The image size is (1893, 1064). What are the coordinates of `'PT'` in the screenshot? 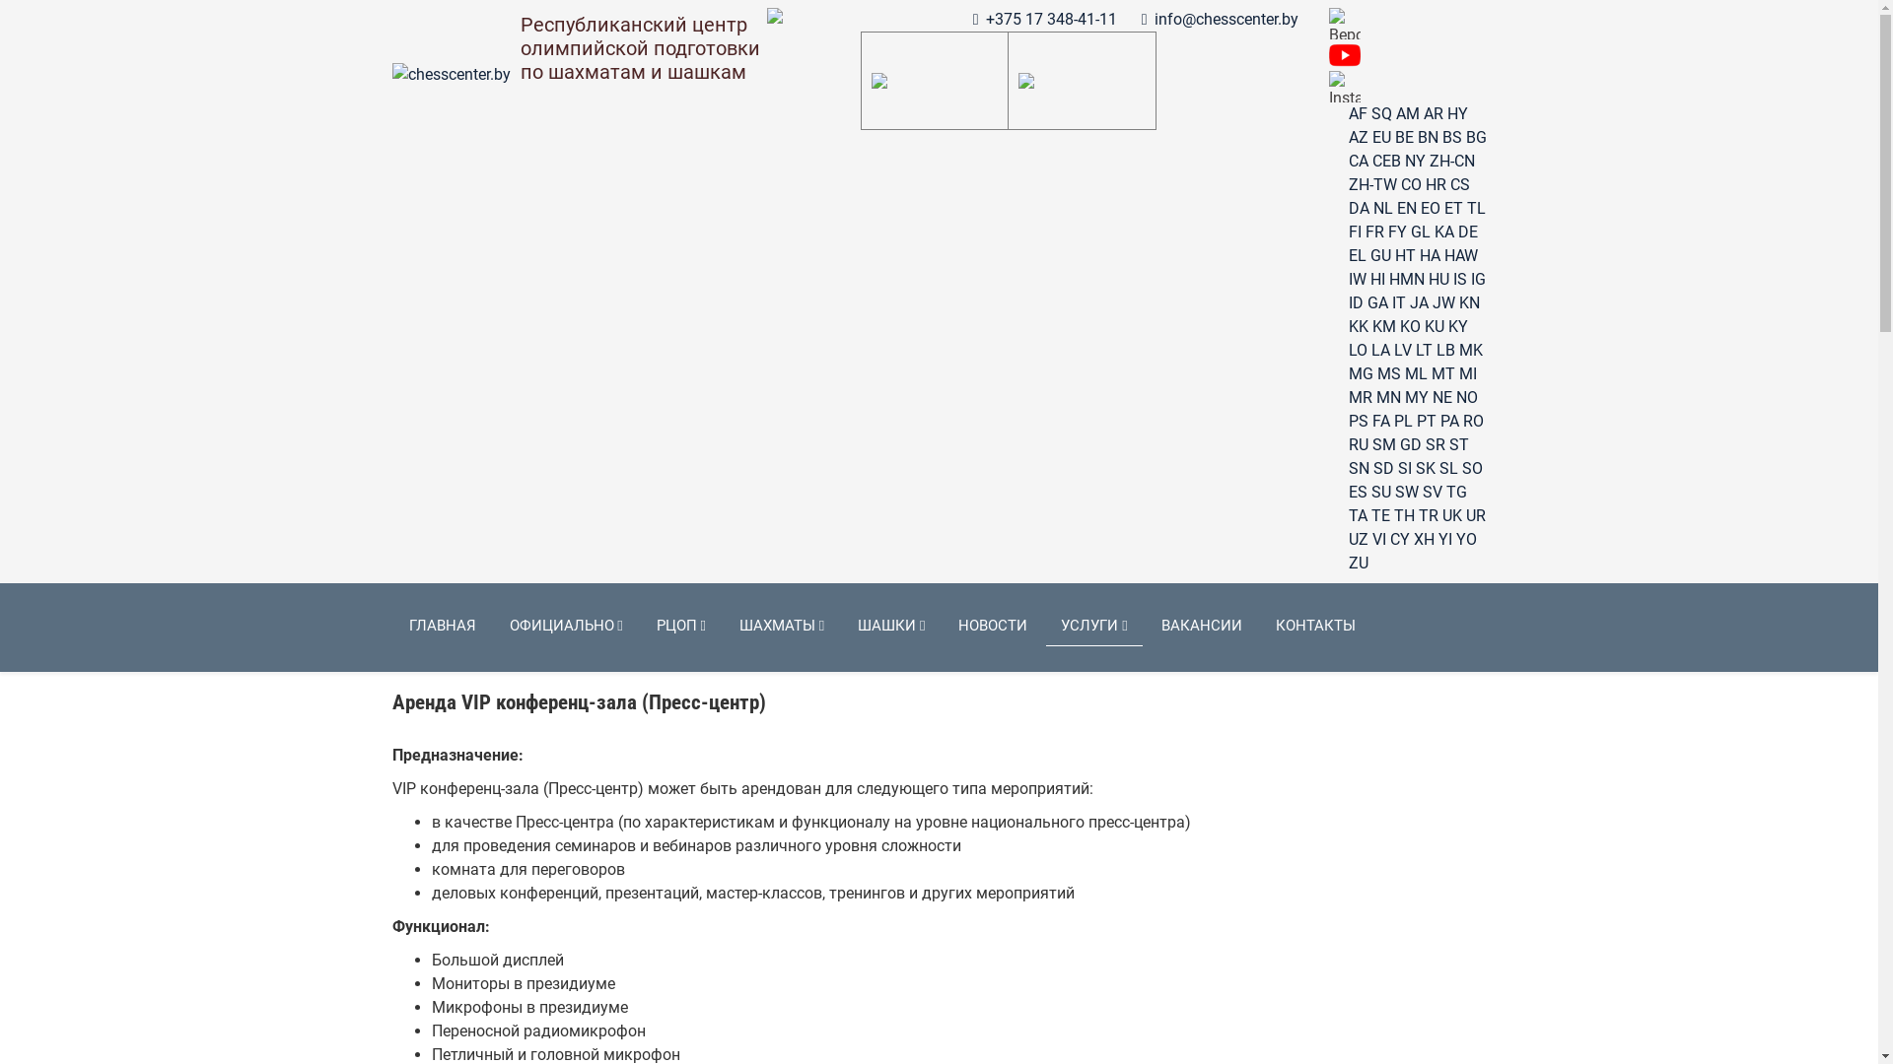 It's located at (1425, 420).